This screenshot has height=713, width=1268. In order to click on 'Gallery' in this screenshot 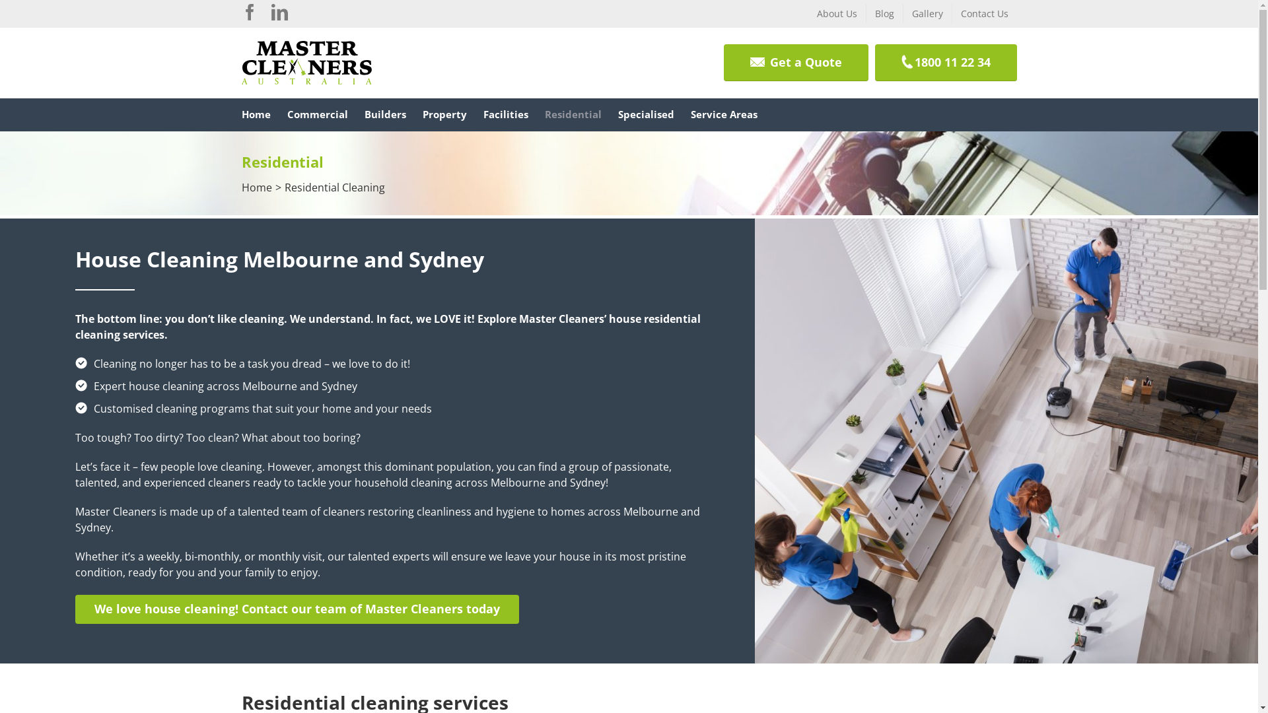, I will do `click(927, 13)`.